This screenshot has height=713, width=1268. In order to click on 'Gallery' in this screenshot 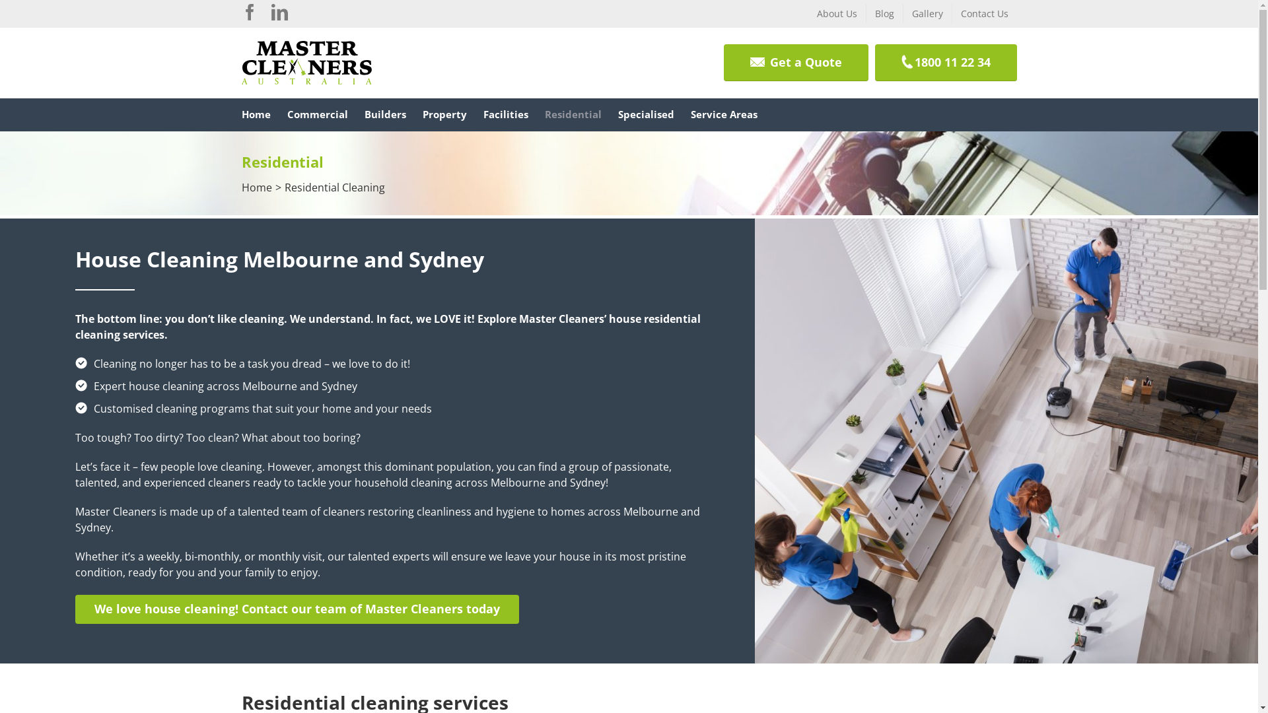, I will do `click(927, 13)`.